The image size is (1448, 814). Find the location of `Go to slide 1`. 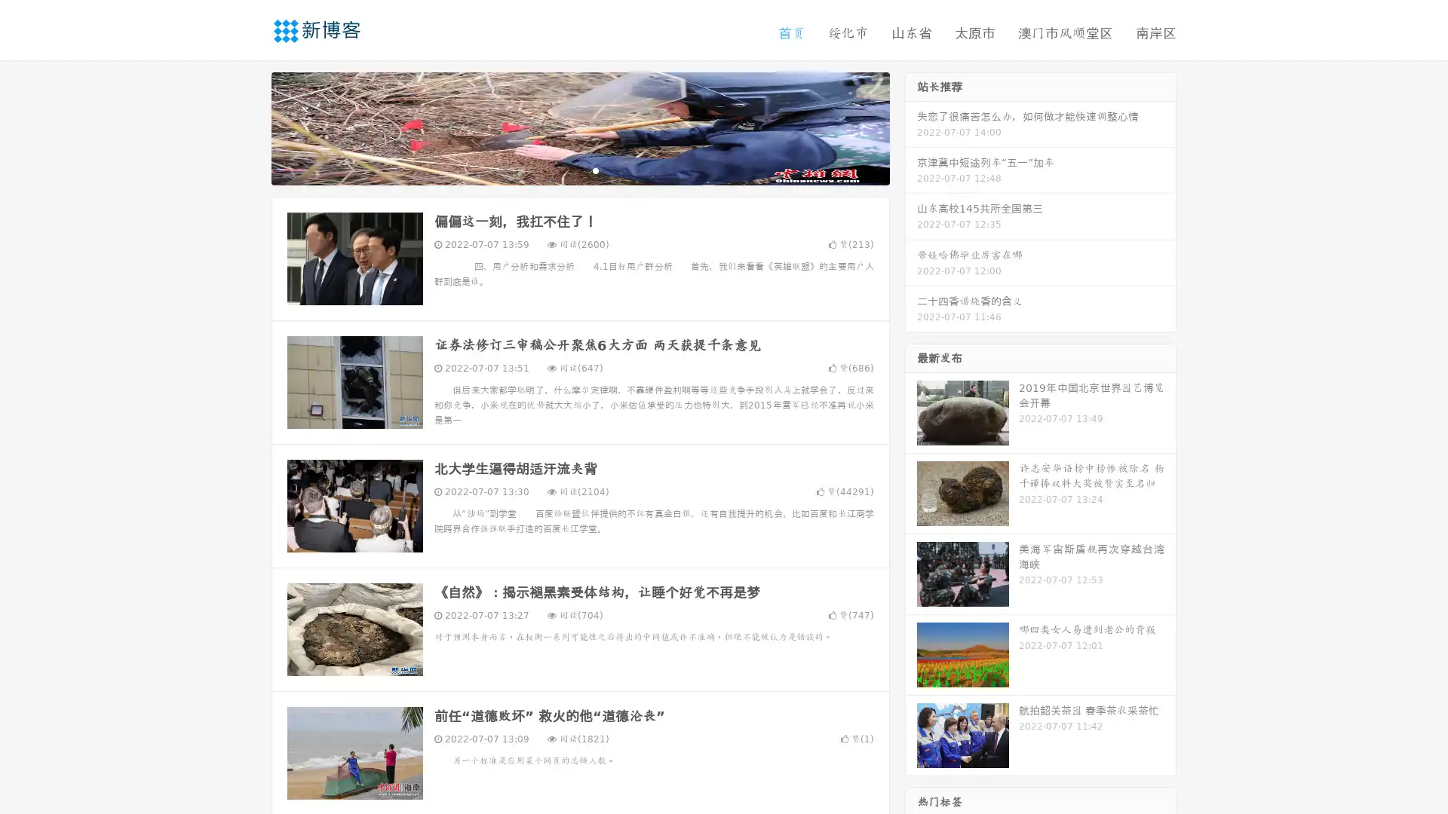

Go to slide 1 is located at coordinates (564, 170).